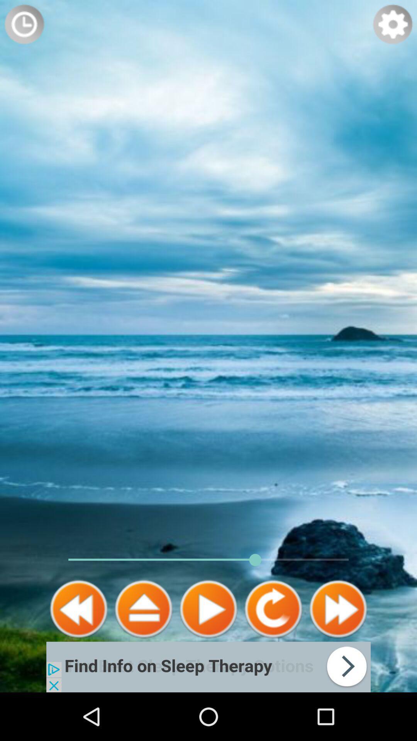 The image size is (417, 741). What do you see at coordinates (337, 609) in the screenshot?
I see `skip song` at bounding box center [337, 609].